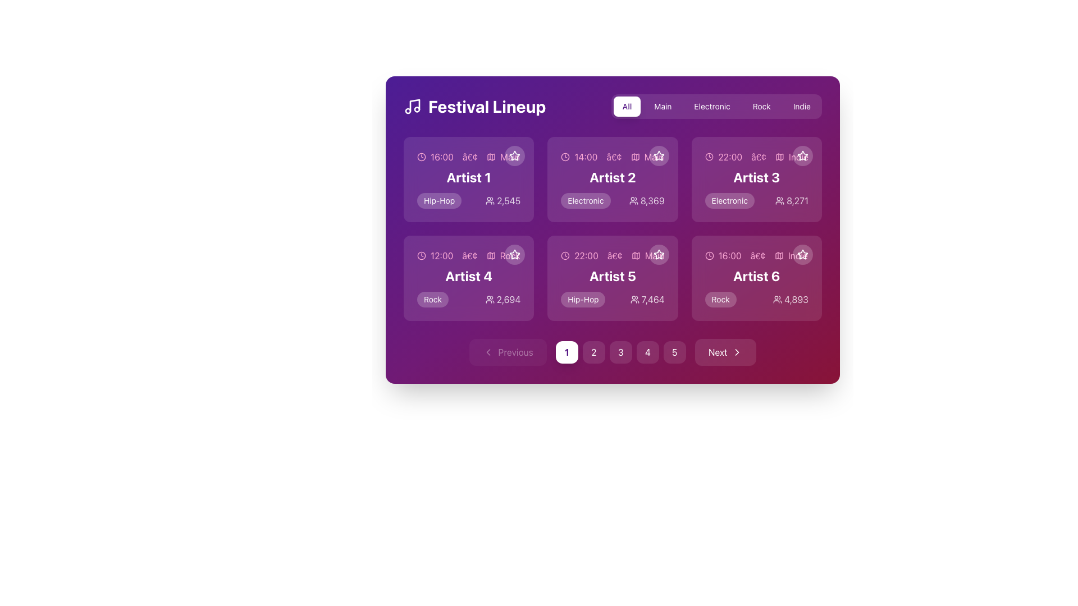 The height and width of the screenshot is (606, 1078). What do you see at coordinates (488, 352) in the screenshot?
I see `the Chevron icon located at the bottom-left corner of the interface` at bounding box center [488, 352].